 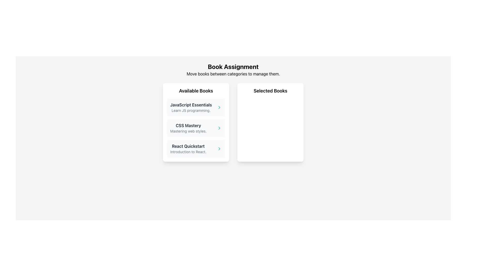 What do you see at coordinates (191, 107) in the screenshot?
I see `the first book item in the 'Available Books' section, which provides the title and description of the book, located on the left side of the layout` at bounding box center [191, 107].